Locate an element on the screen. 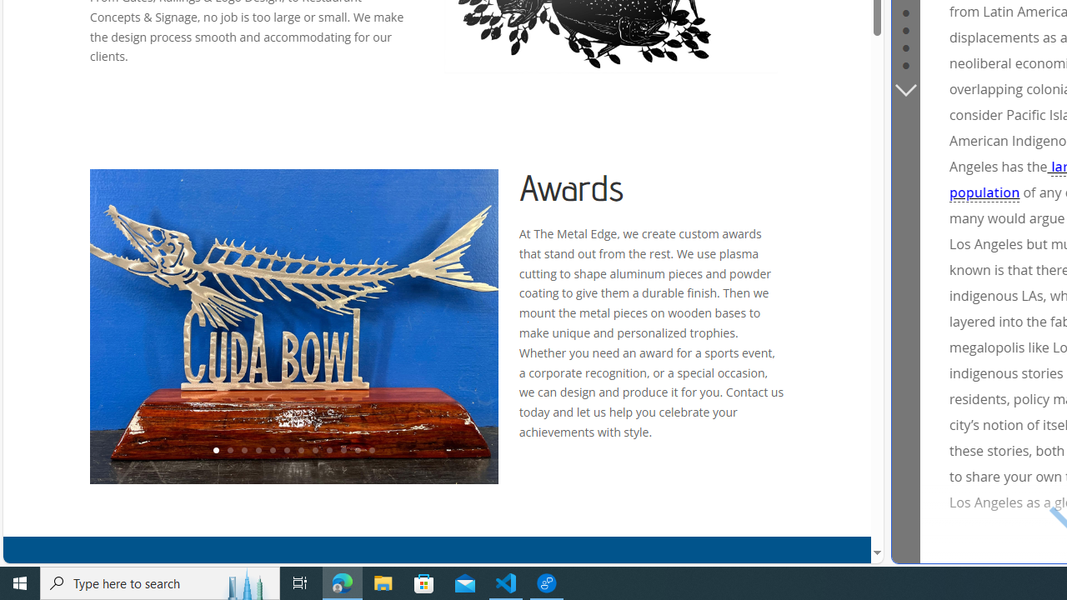 The width and height of the screenshot is (1067, 600). '8' is located at coordinates (314, 451).